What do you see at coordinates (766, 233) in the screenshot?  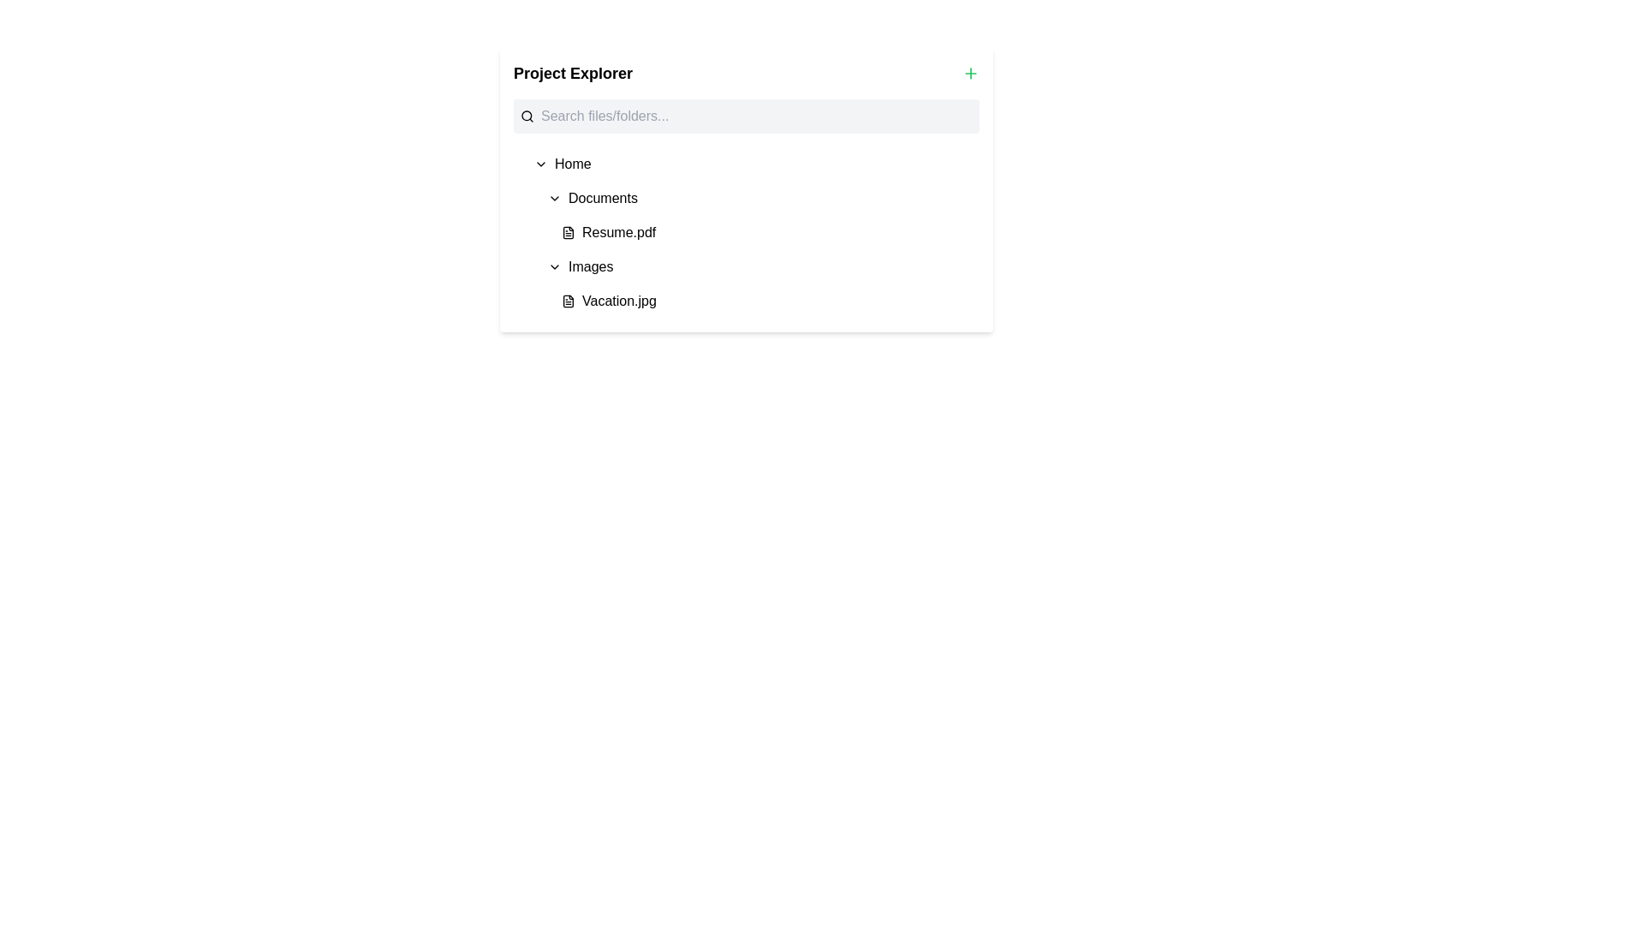 I see `to select the file entry in the 'Documents' section of the file explorer, which is the first item in the expandable list` at bounding box center [766, 233].